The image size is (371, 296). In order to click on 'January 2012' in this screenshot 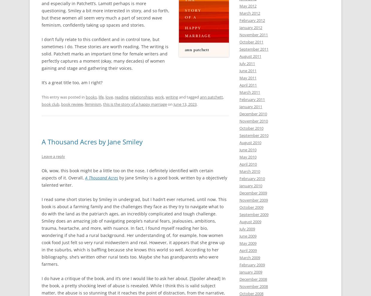, I will do `click(251, 27)`.